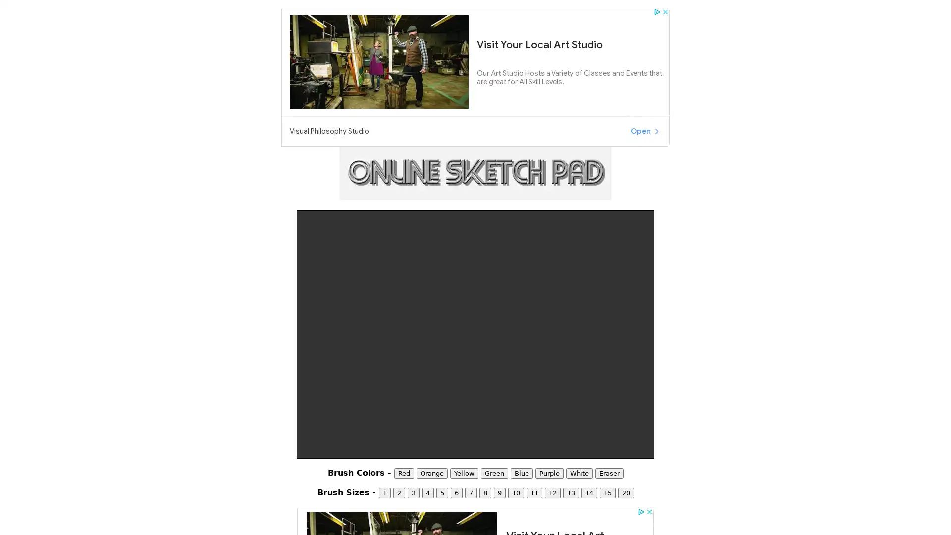 The image size is (951, 535). Describe the element at coordinates (606, 493) in the screenshot. I see `15` at that location.